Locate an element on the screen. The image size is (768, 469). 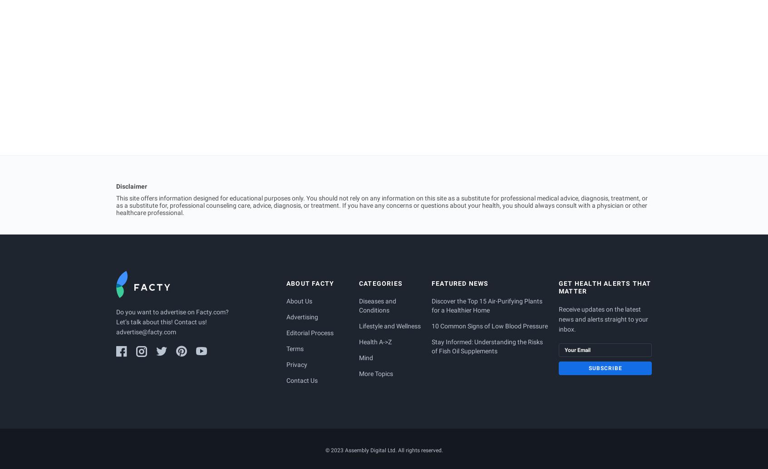
'Discover the Top 15 Air-Purifying Plants for a Healthier Home' is located at coordinates (487, 305).